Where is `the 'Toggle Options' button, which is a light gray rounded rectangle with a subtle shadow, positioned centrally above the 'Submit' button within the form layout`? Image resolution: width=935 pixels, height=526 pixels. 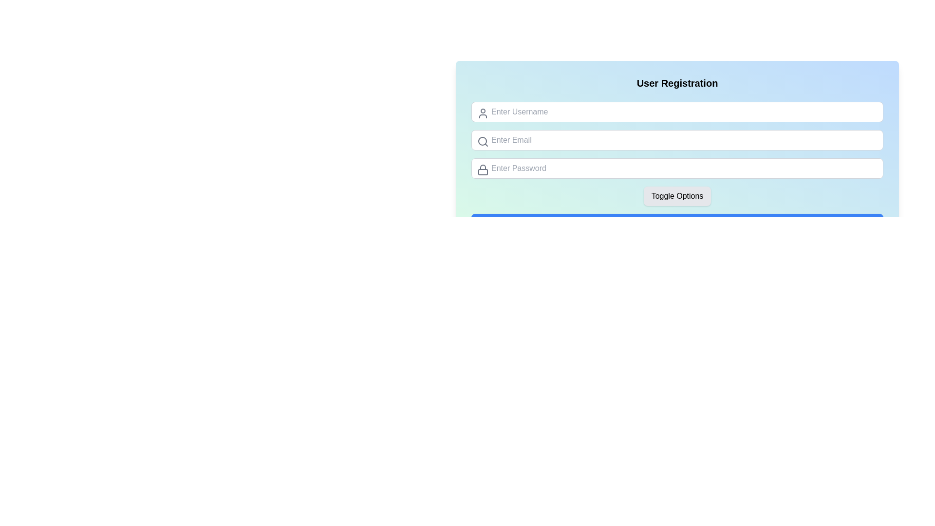 the 'Toggle Options' button, which is a light gray rounded rectangle with a subtle shadow, positioned centrally above the 'Submit' button within the form layout is located at coordinates (677, 196).